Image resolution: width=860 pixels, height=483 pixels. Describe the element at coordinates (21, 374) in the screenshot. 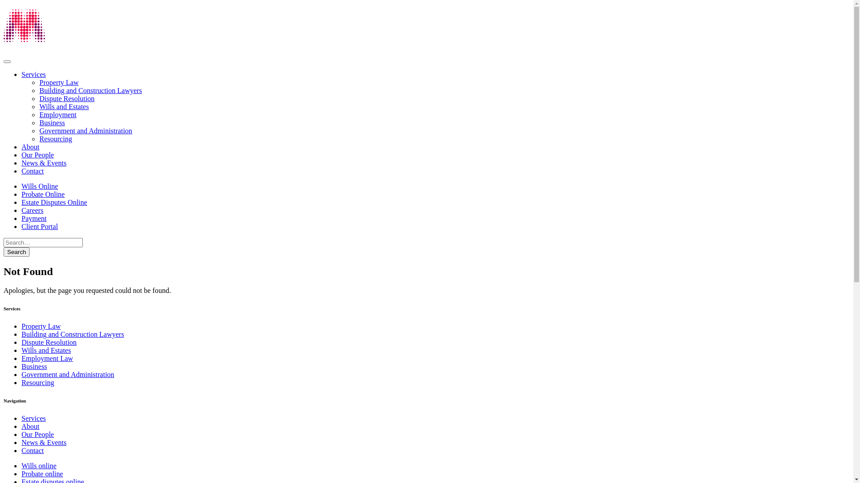

I see `'Government and Administration'` at that location.